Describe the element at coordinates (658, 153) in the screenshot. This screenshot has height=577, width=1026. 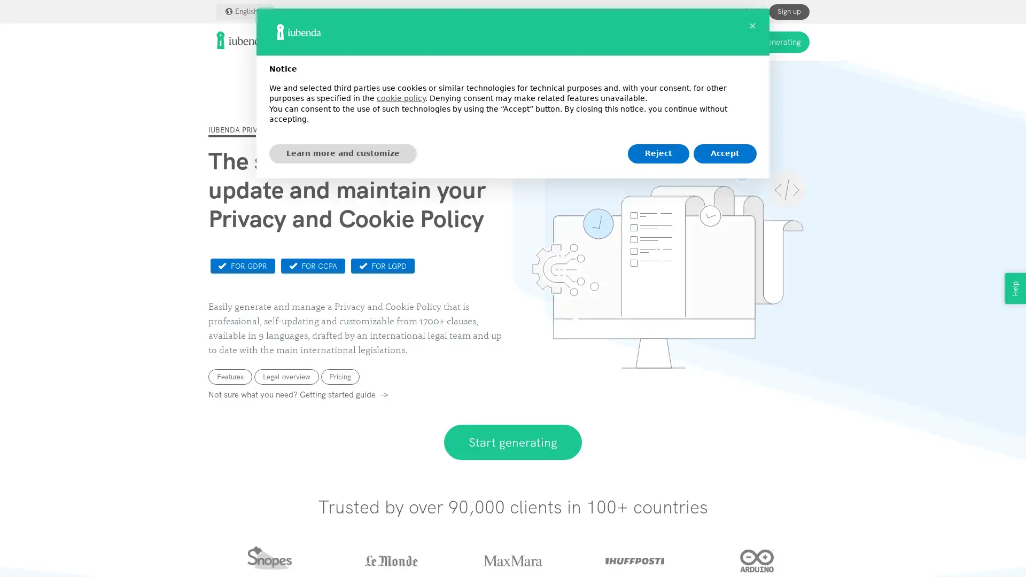
I see `Reject` at that location.